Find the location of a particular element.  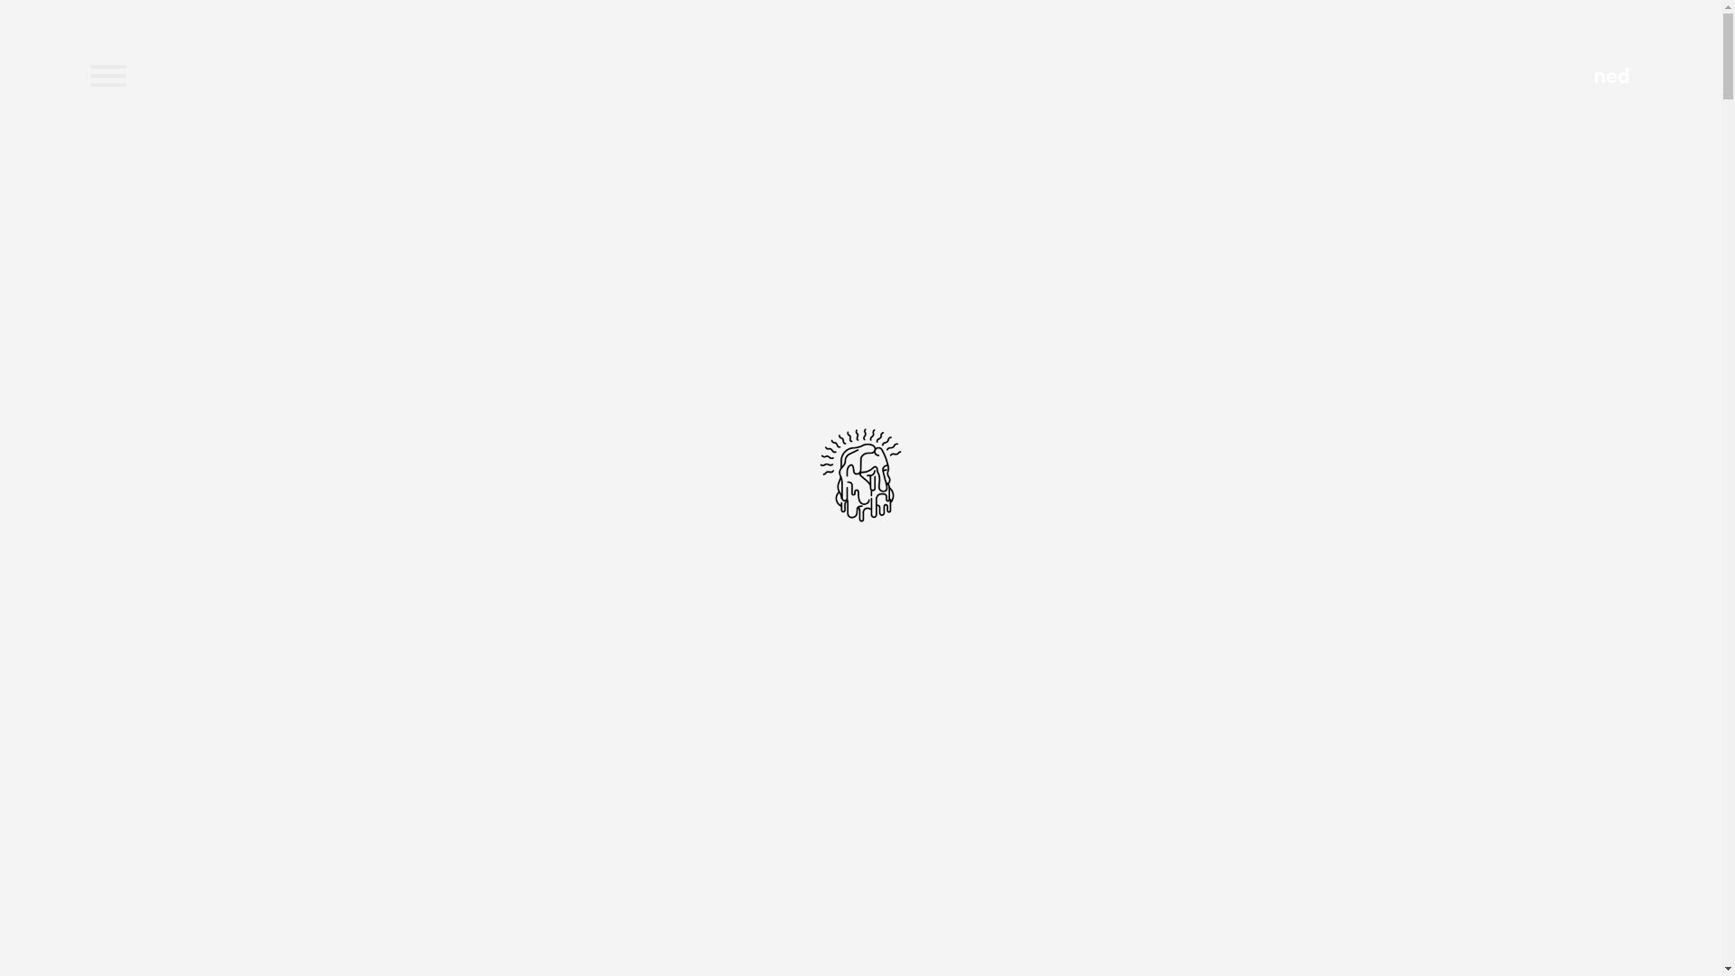

'ned' is located at coordinates (1583, 78).